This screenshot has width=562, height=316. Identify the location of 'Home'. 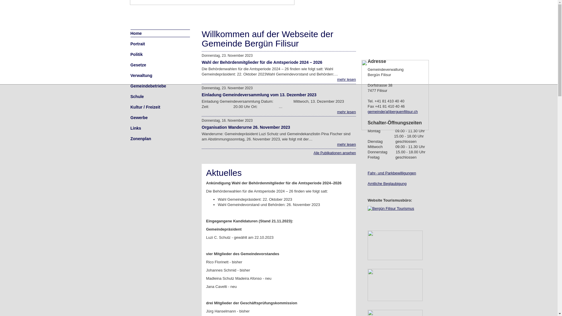
(130, 33).